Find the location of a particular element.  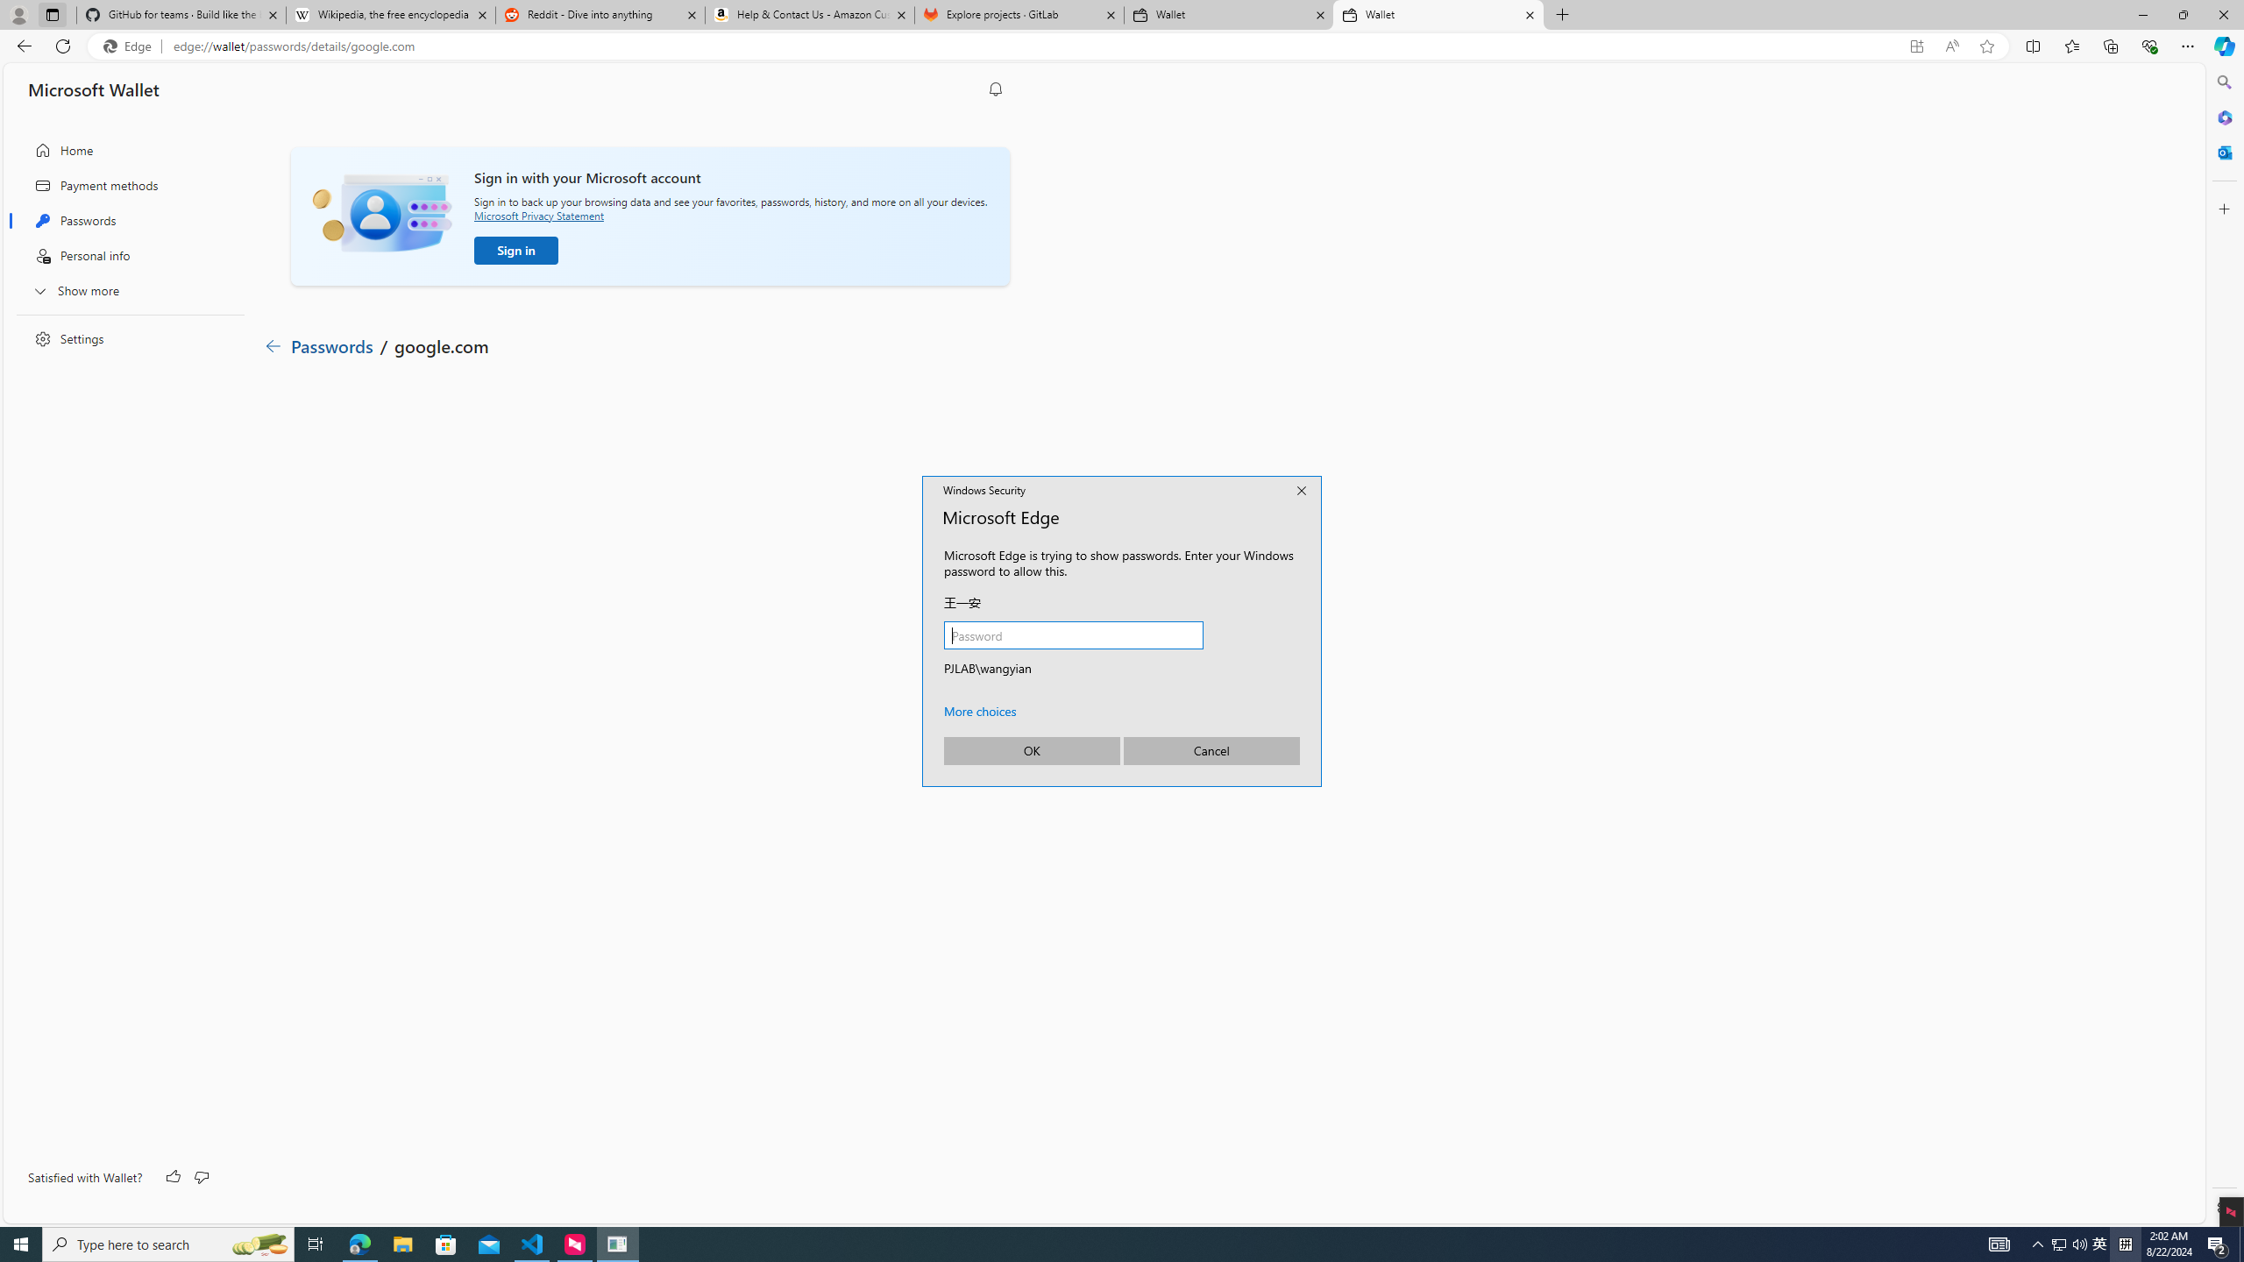

'Payment methods' is located at coordinates (124, 185).